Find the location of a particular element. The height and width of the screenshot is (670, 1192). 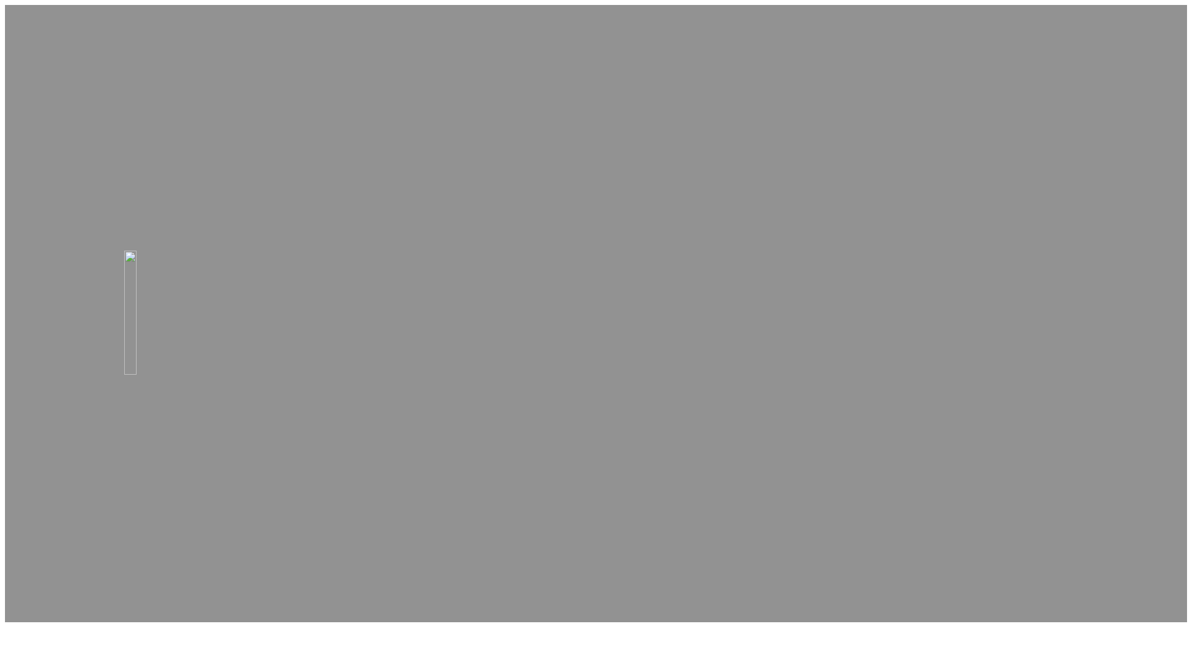

'Skip to main content' is located at coordinates (4, 4).